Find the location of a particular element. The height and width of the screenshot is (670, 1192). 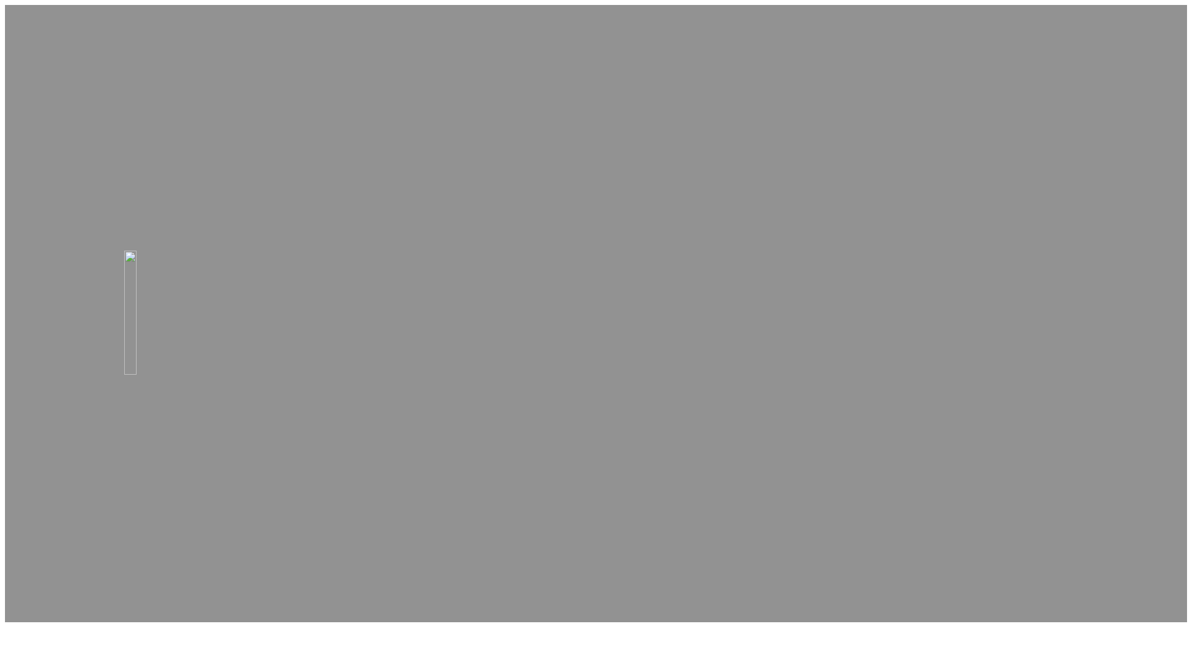

'Skip to main content' is located at coordinates (4, 4).